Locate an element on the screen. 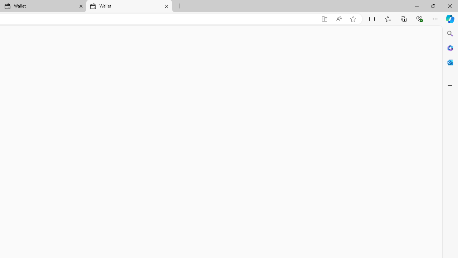 The image size is (458, 258). 'App available. Install Microsoft Wallet' is located at coordinates (324, 19).